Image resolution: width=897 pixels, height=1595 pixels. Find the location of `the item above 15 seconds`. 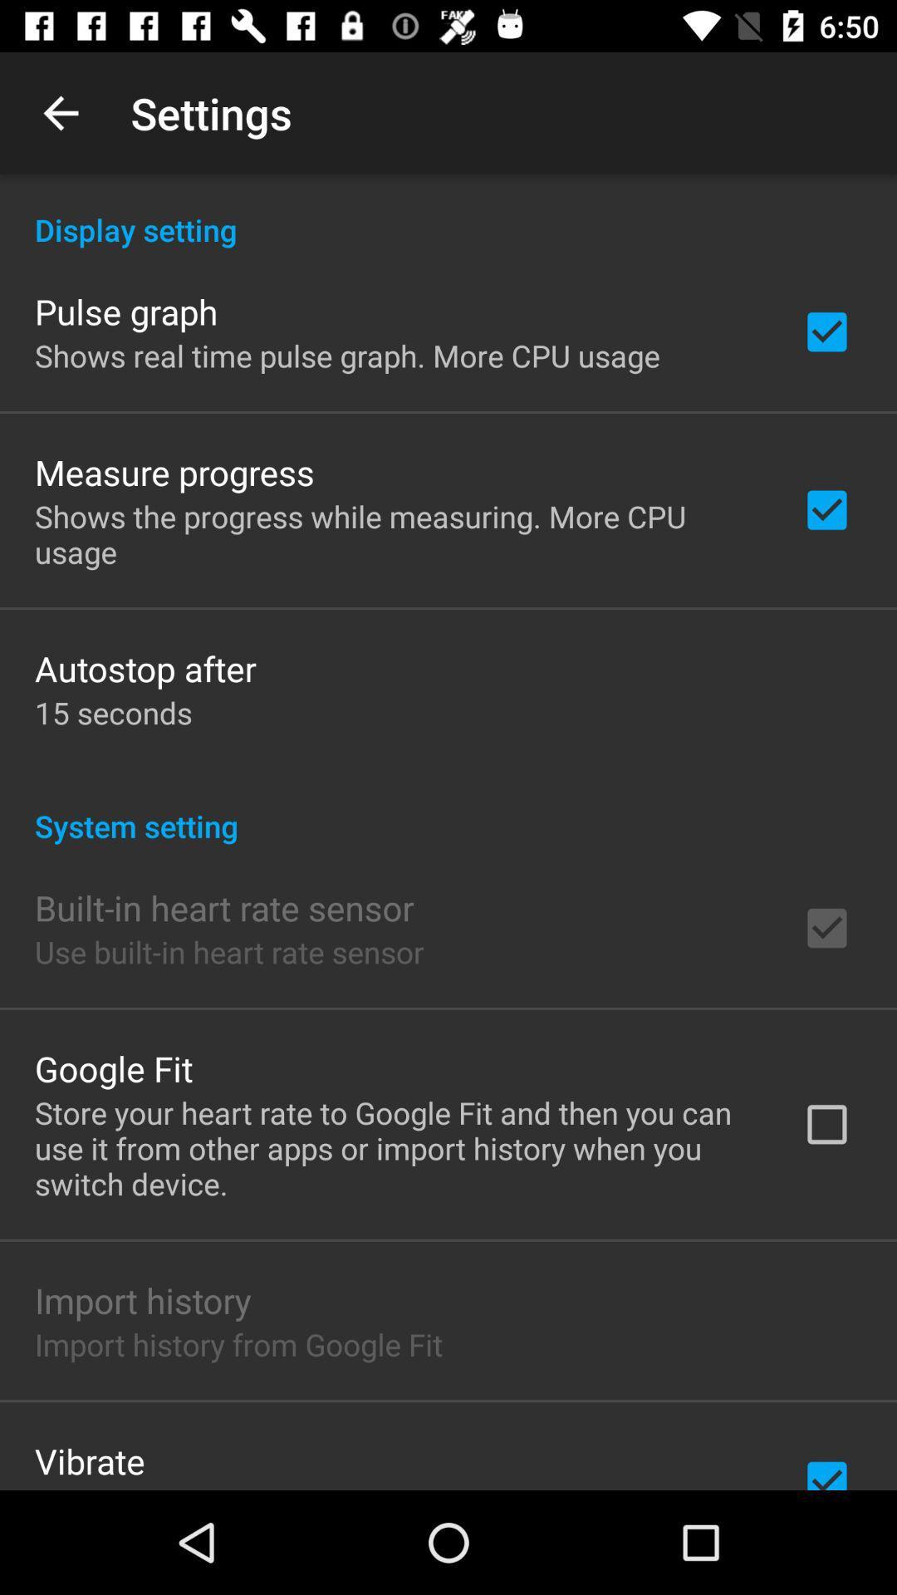

the item above 15 seconds is located at coordinates (145, 668).